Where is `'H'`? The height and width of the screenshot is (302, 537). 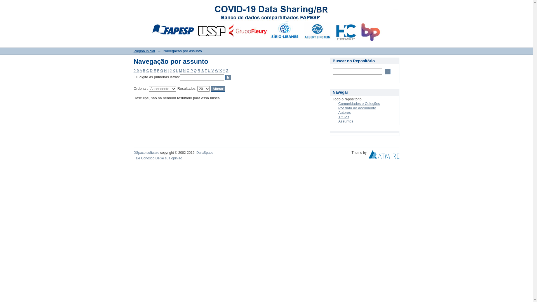 'H' is located at coordinates (164, 70).